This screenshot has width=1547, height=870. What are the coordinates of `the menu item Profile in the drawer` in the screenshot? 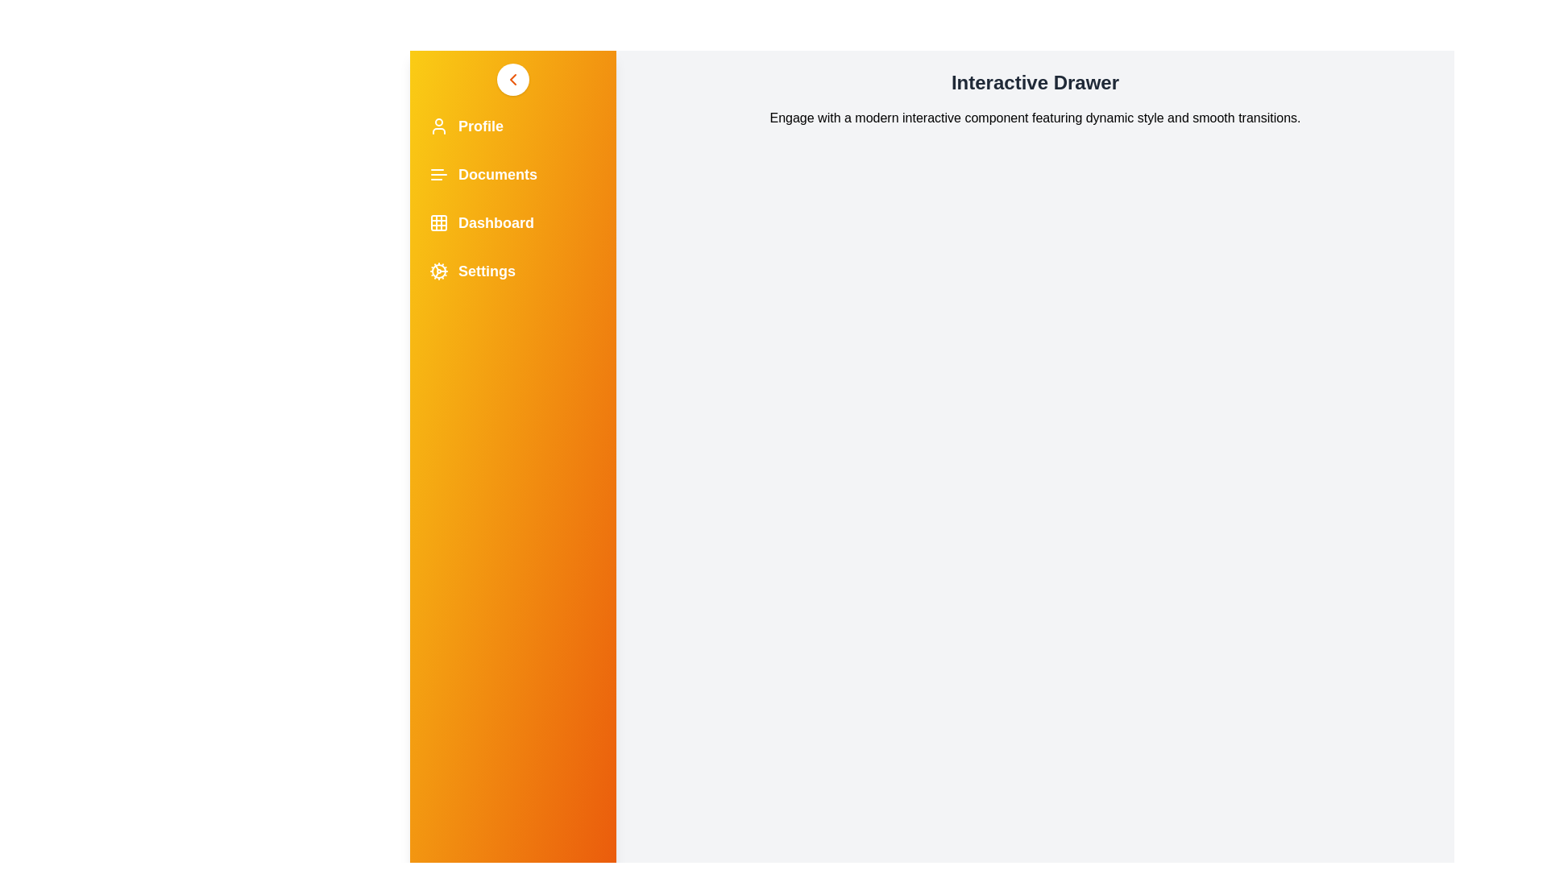 It's located at (512, 126).